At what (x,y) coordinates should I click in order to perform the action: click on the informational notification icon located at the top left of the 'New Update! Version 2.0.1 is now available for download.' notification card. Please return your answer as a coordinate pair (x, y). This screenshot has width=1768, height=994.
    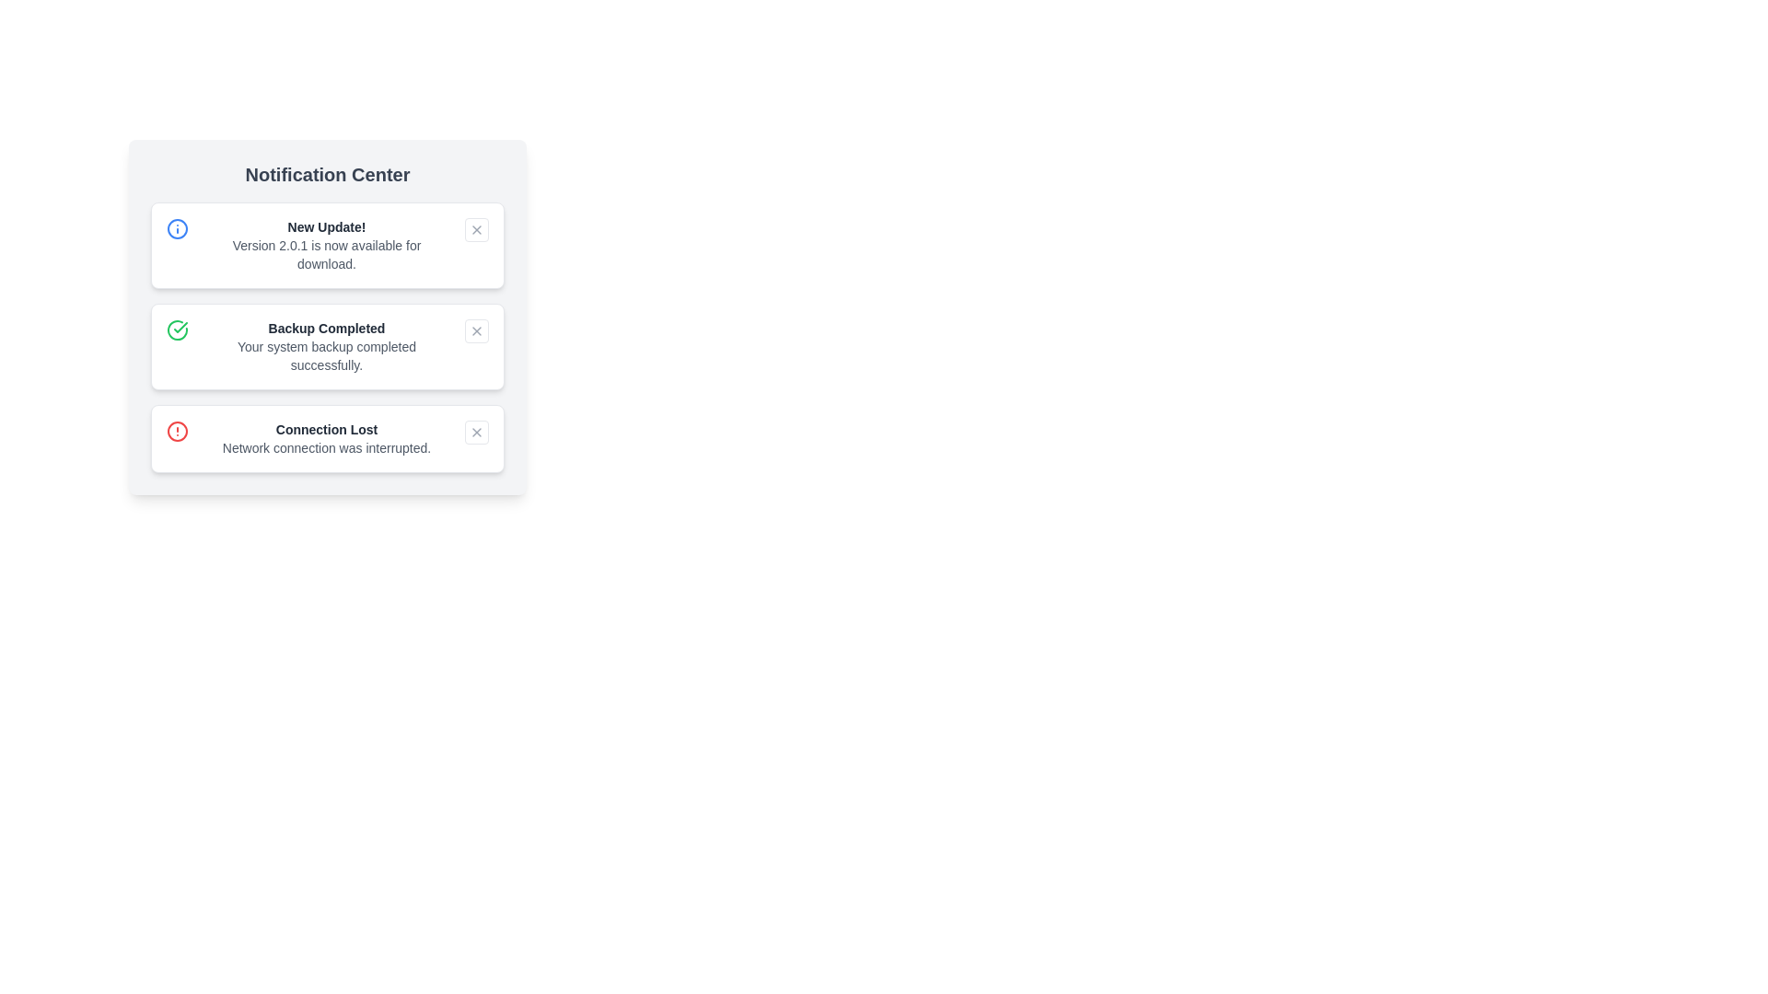
    Looking at the image, I should click on (177, 228).